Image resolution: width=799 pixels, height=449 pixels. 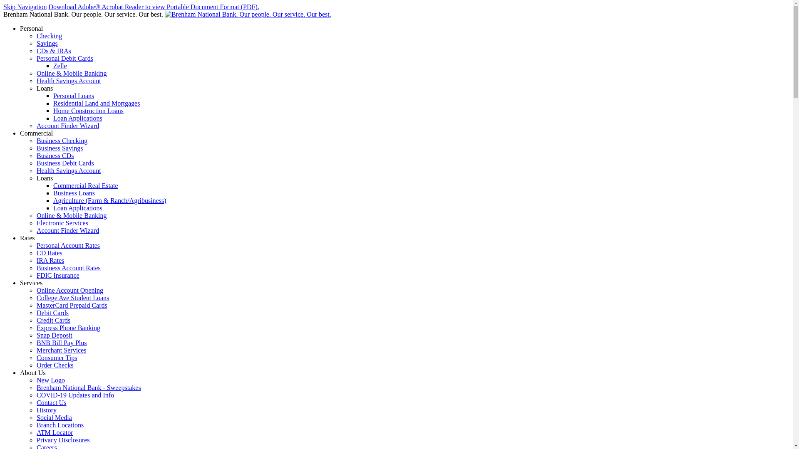 I want to click on 'Skip Navigation', so click(x=25, y=7).